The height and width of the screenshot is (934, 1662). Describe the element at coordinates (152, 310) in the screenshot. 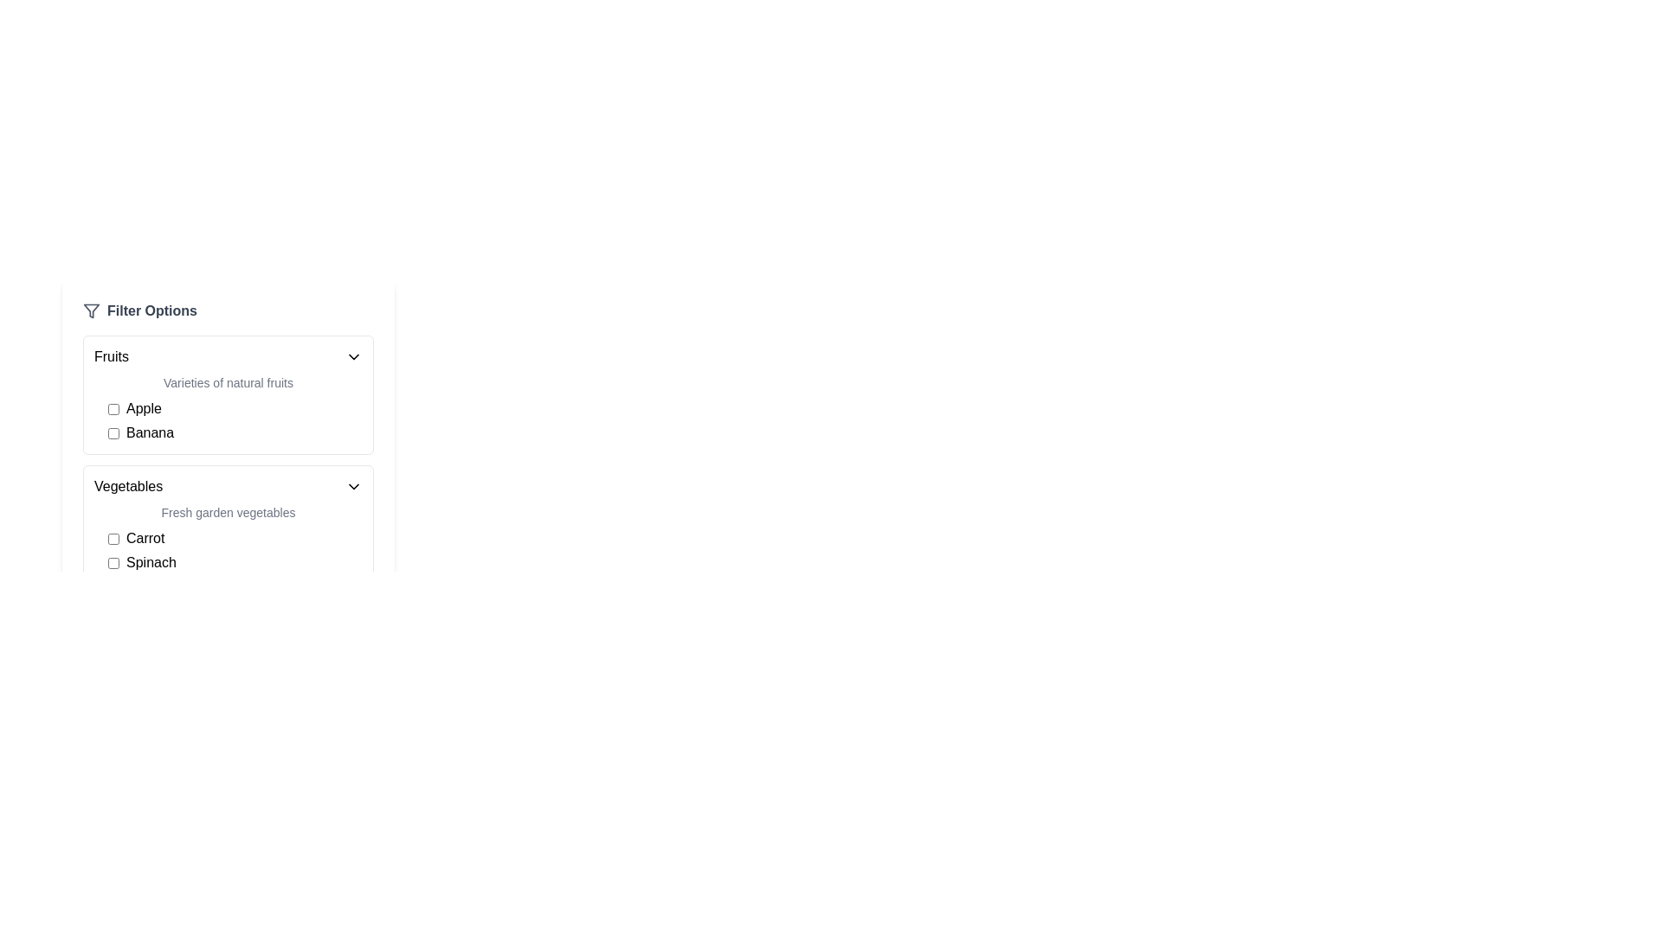

I see `the Text Label that indicates a category for filtering options, positioned at the top-left corner of the interface above the 'Fruits' section` at that location.